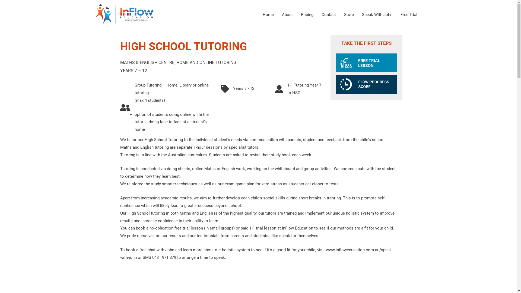  Describe the element at coordinates (358, 14) in the screenshot. I see `'Speak With John'` at that location.